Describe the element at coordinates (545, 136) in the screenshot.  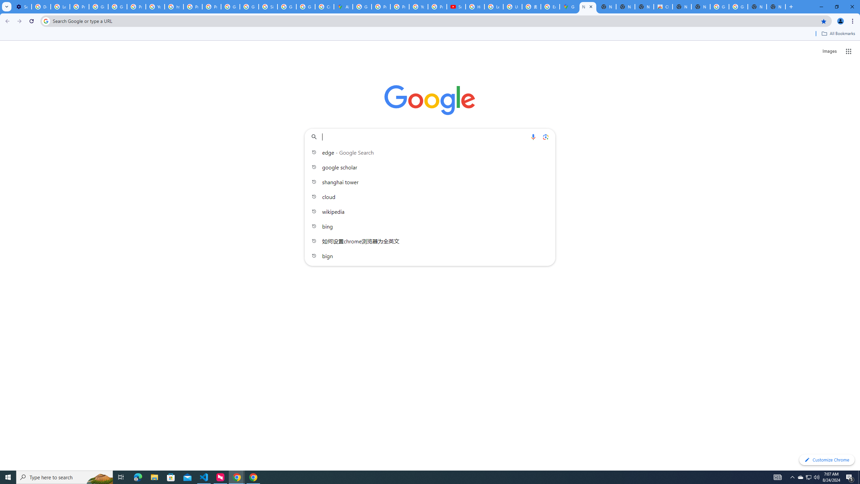
I see `'Search by image'` at that location.